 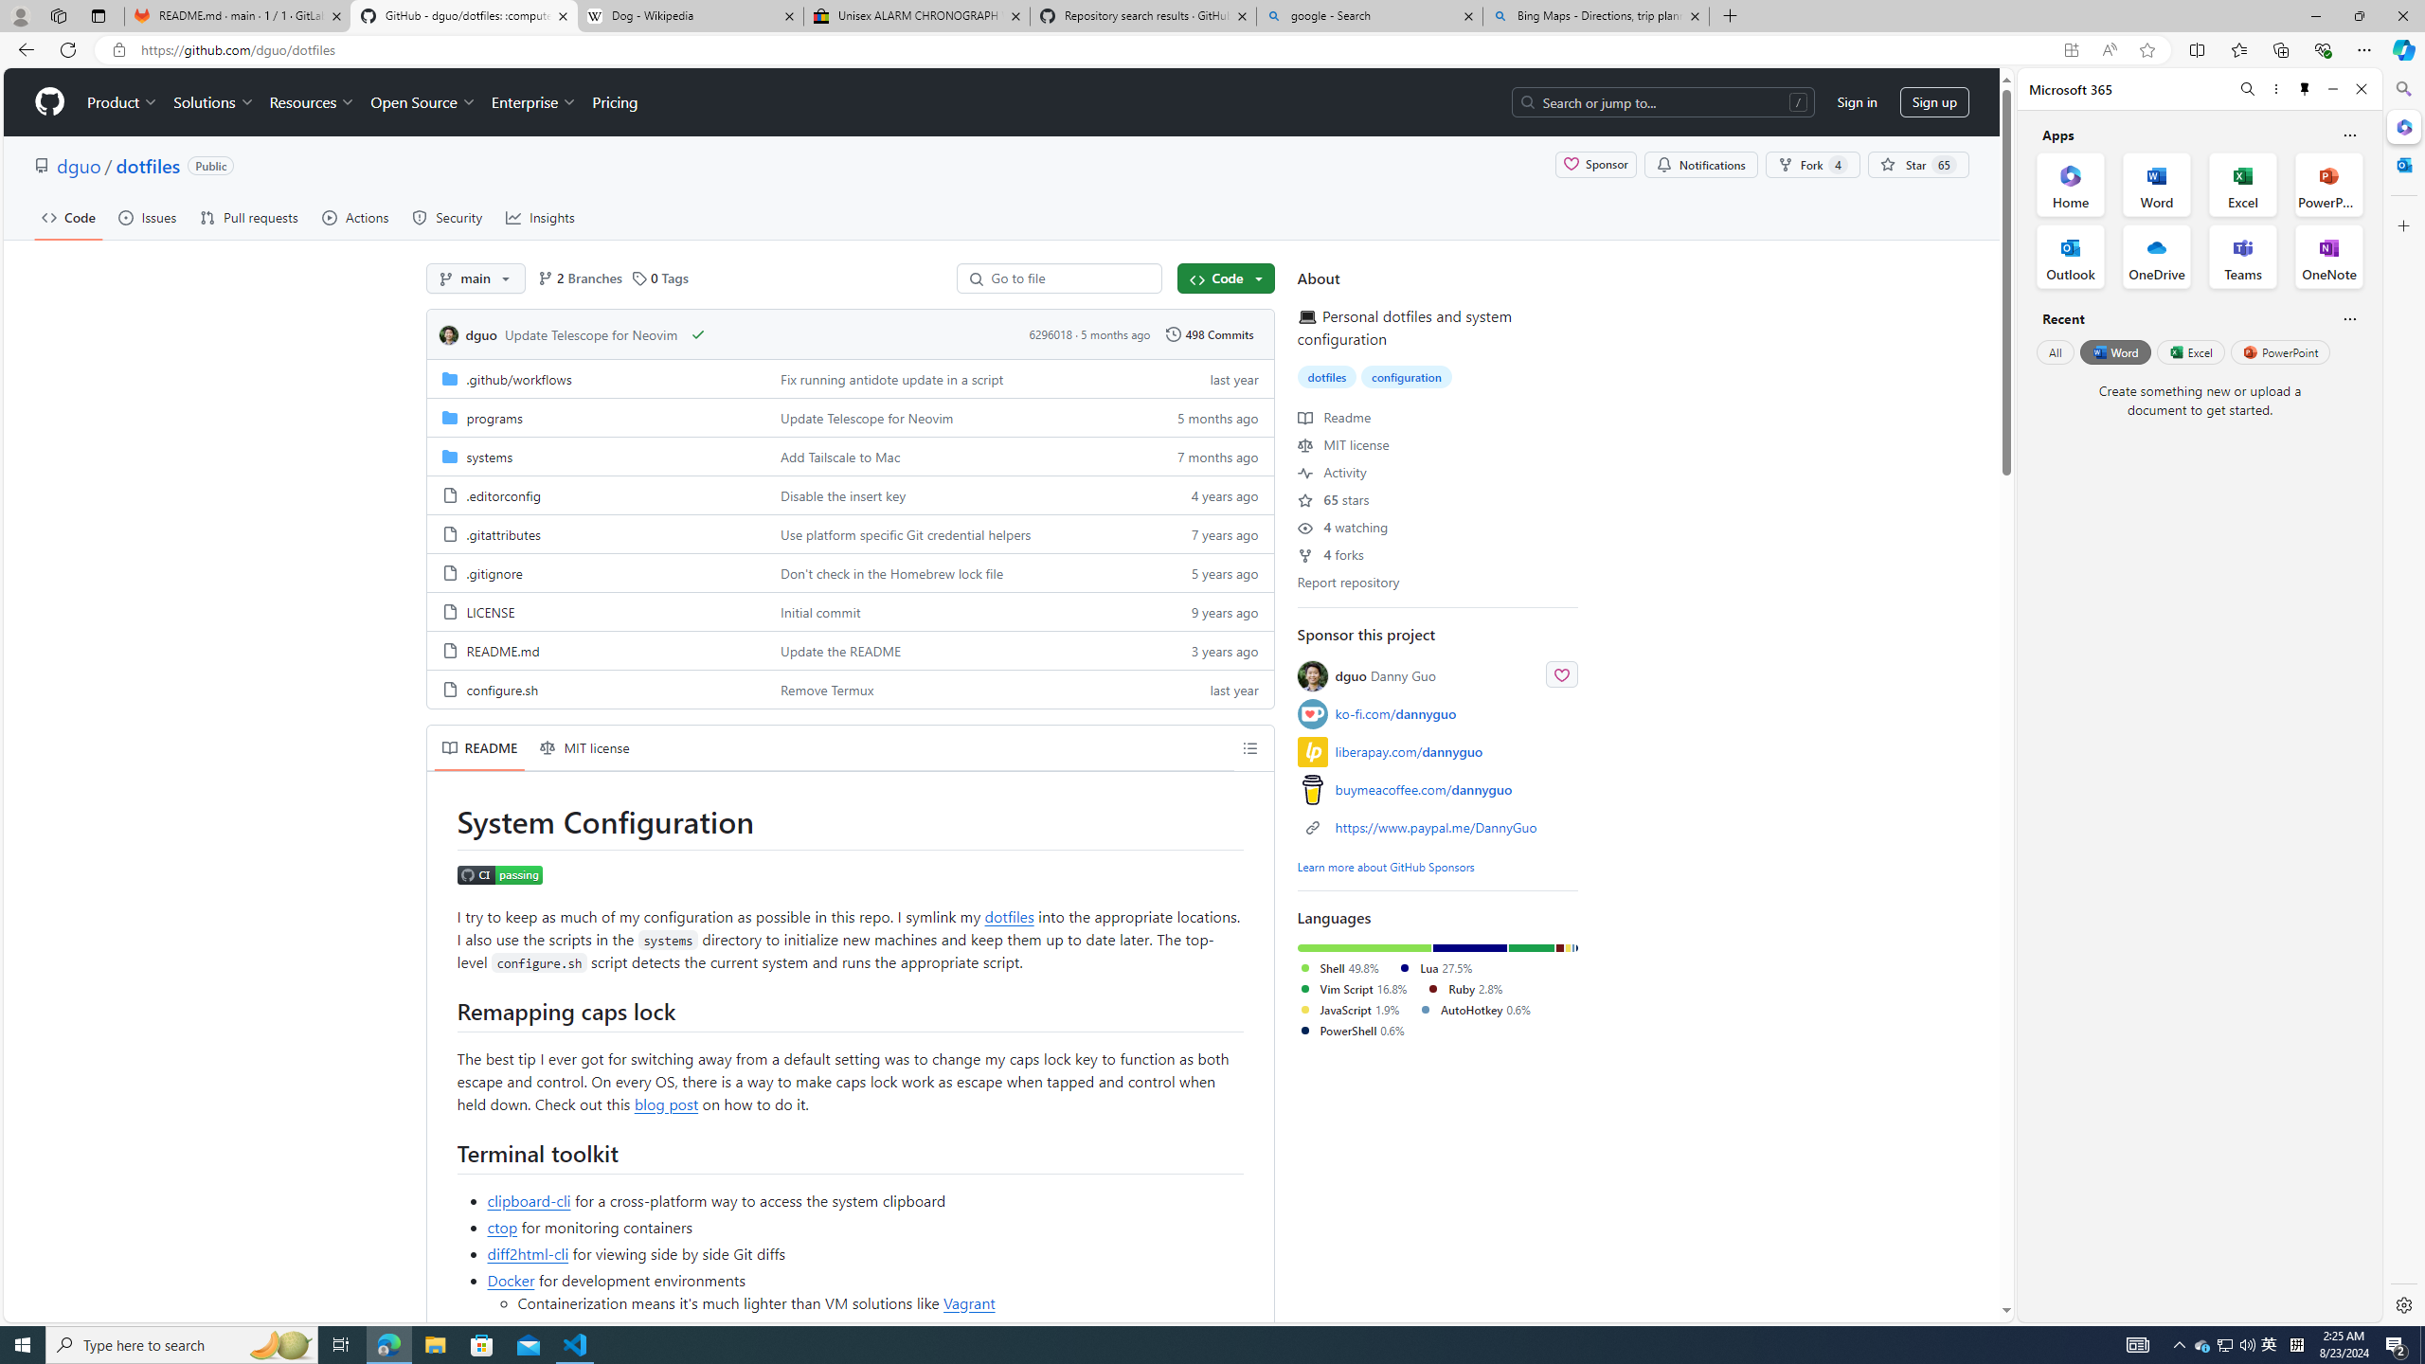 What do you see at coordinates (2403, 696) in the screenshot?
I see `'Side bar'` at bounding box center [2403, 696].